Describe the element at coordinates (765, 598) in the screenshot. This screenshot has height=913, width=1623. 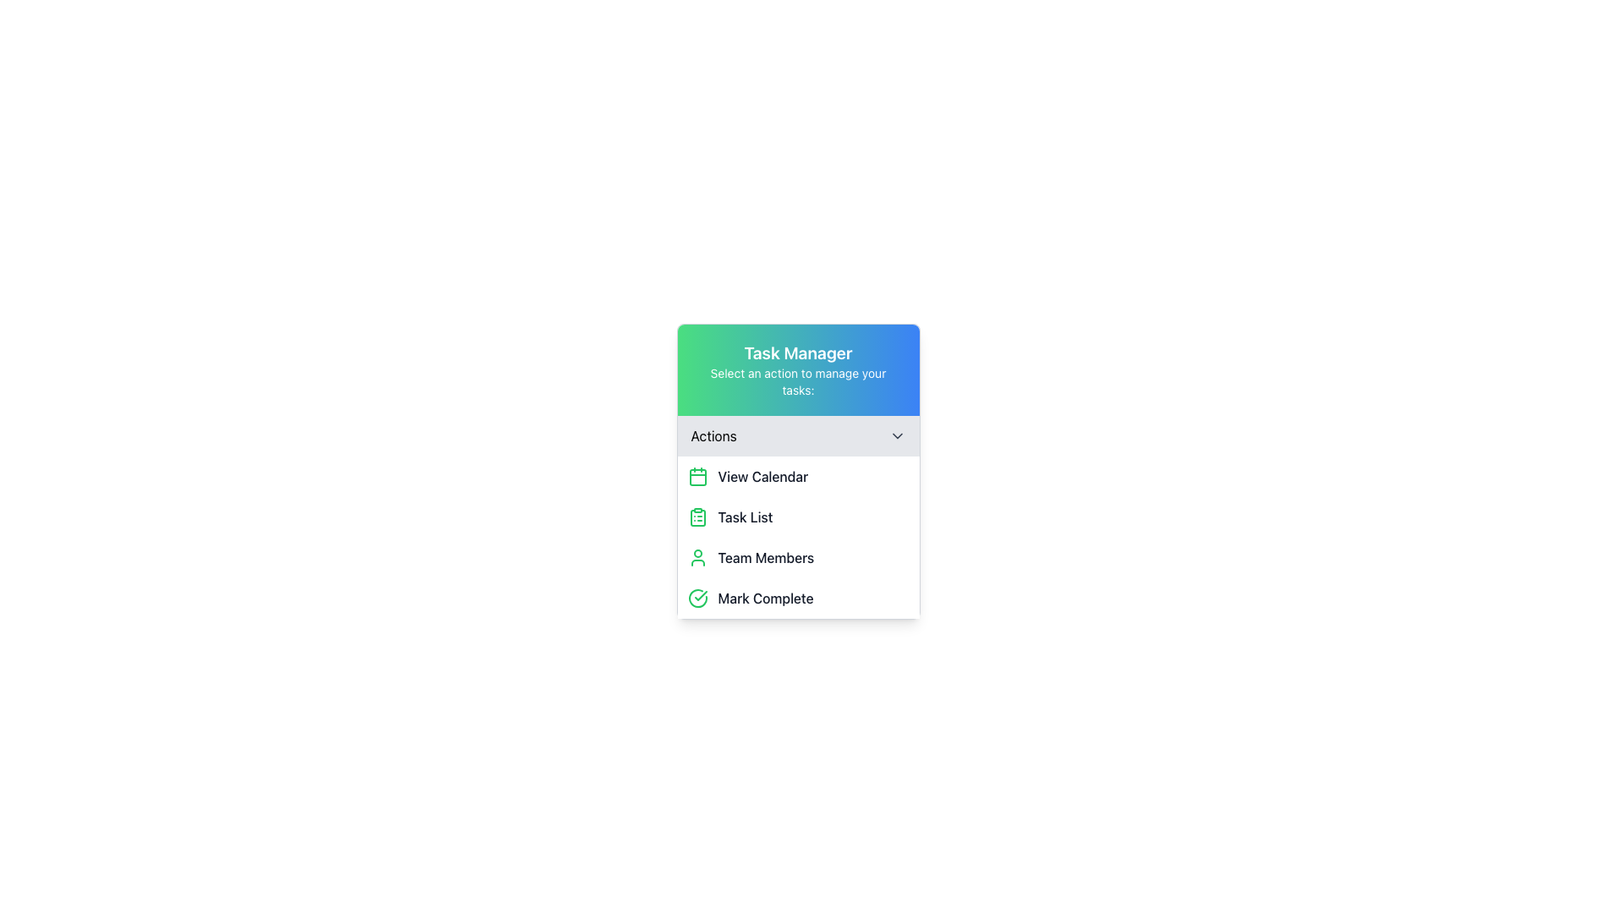
I see `the 'Mark Complete' label that is styled with medium font weight and gray text color, positioned at the bottom of the action menu next to a green checkmark icon` at that location.